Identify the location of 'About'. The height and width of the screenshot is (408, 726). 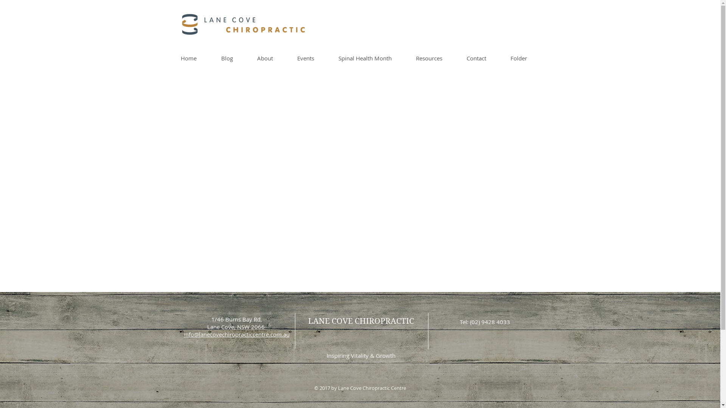
(271, 58).